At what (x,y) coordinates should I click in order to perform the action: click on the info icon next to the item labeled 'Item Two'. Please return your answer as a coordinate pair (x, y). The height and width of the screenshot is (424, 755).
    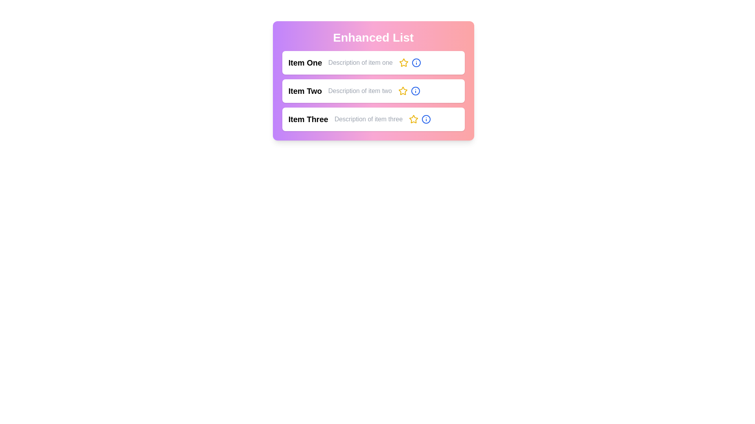
    Looking at the image, I should click on (415, 90).